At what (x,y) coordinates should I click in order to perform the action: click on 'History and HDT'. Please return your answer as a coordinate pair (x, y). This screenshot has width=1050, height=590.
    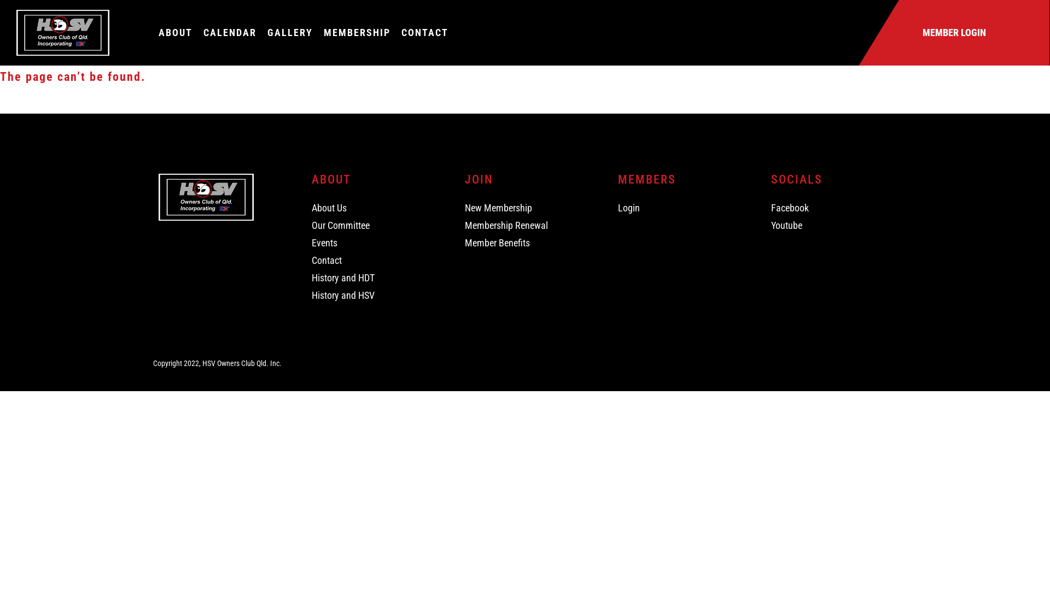
    Looking at the image, I should click on (311, 278).